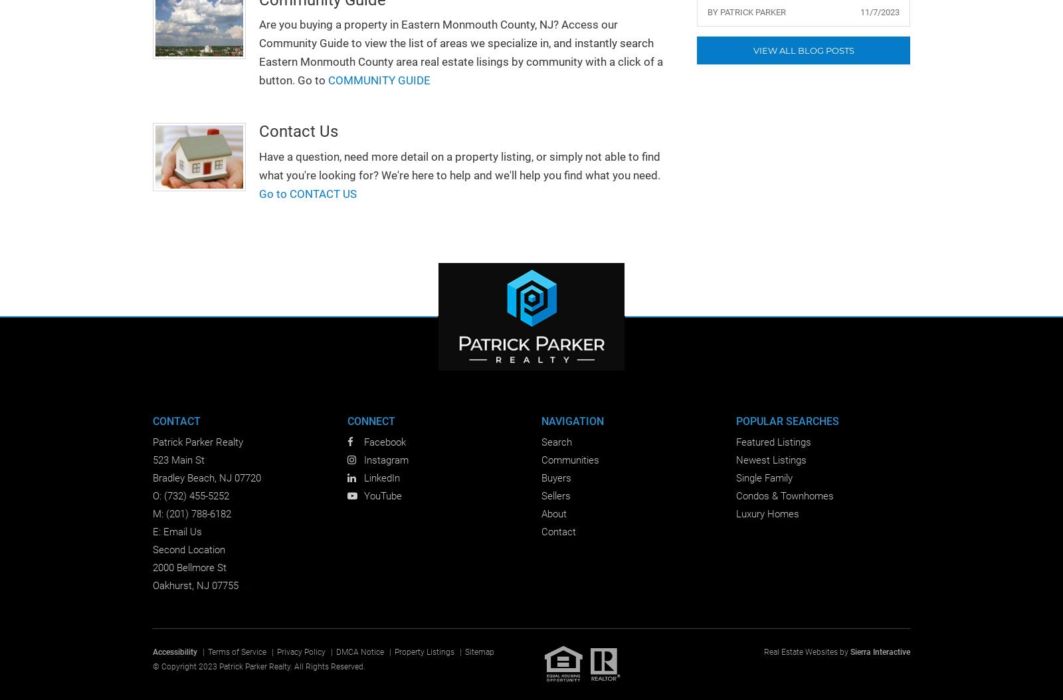 This screenshot has width=1063, height=700. I want to click on 'Single Family', so click(735, 477).